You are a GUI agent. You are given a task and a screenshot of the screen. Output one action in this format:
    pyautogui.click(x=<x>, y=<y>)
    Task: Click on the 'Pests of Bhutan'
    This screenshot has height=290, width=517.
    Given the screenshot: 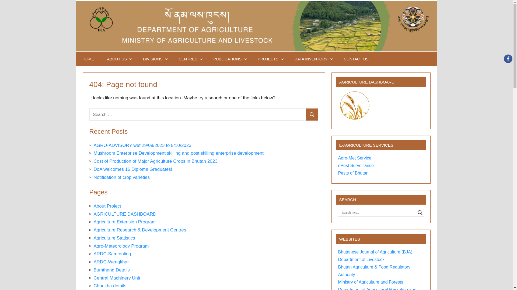 What is the action you would take?
    pyautogui.click(x=338, y=173)
    